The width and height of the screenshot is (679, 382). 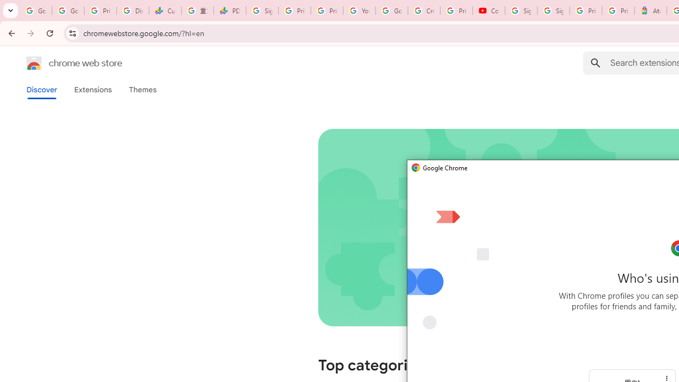 I want to click on 'Themes', so click(x=142, y=89).